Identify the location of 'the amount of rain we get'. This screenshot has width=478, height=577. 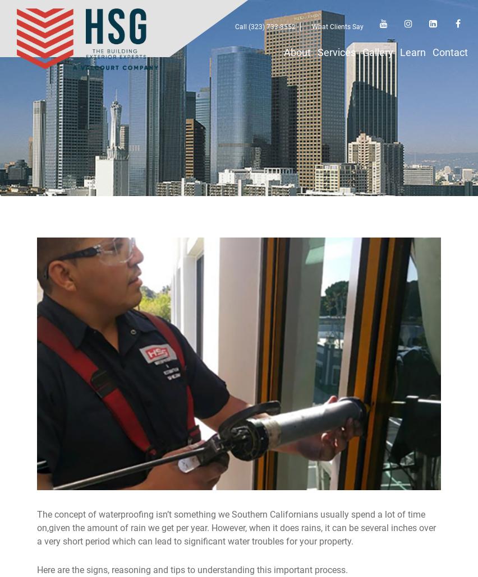
(123, 528).